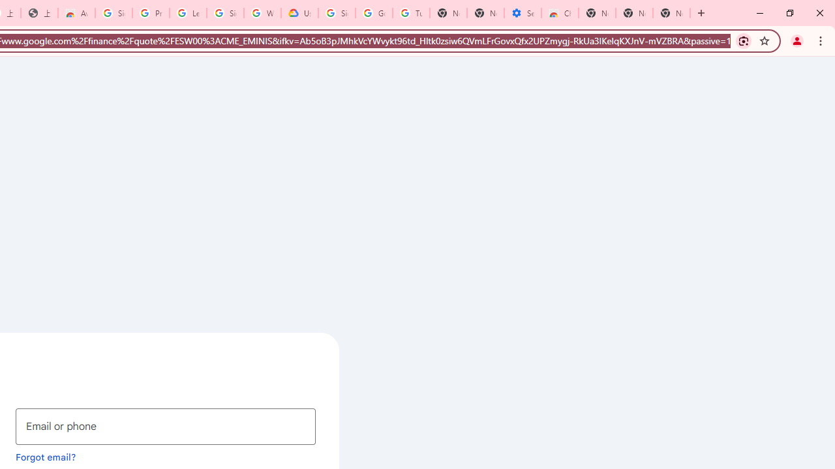  What do you see at coordinates (165, 426) in the screenshot?
I see `'Email or phone'` at bounding box center [165, 426].